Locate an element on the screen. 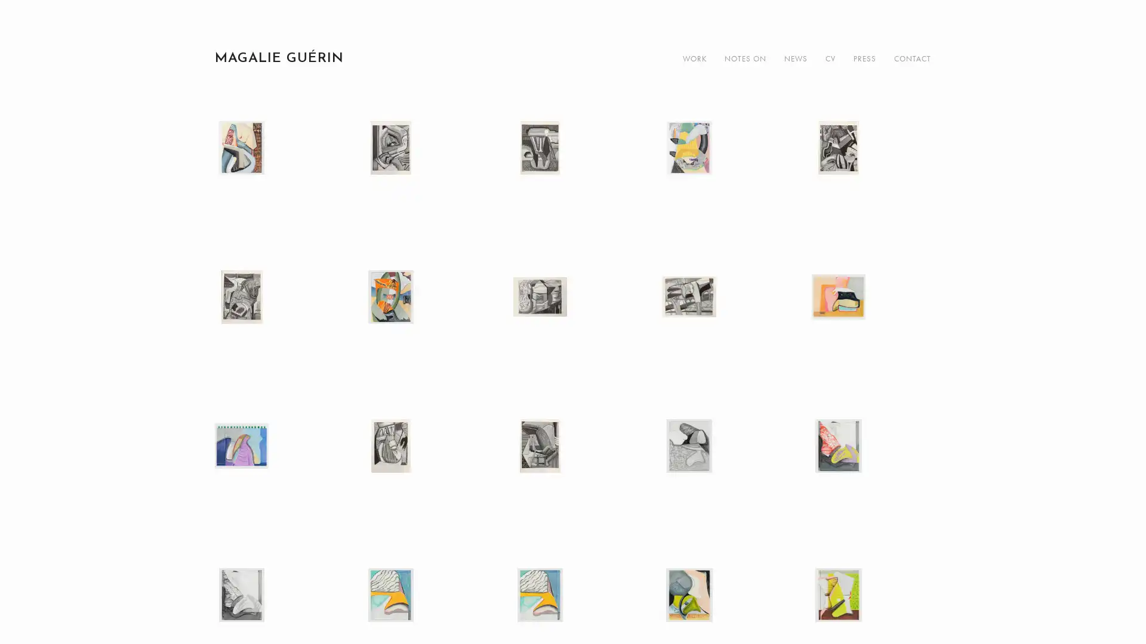  View fullsize Small Copy Drawing 113, 2020 is located at coordinates (274, 329).